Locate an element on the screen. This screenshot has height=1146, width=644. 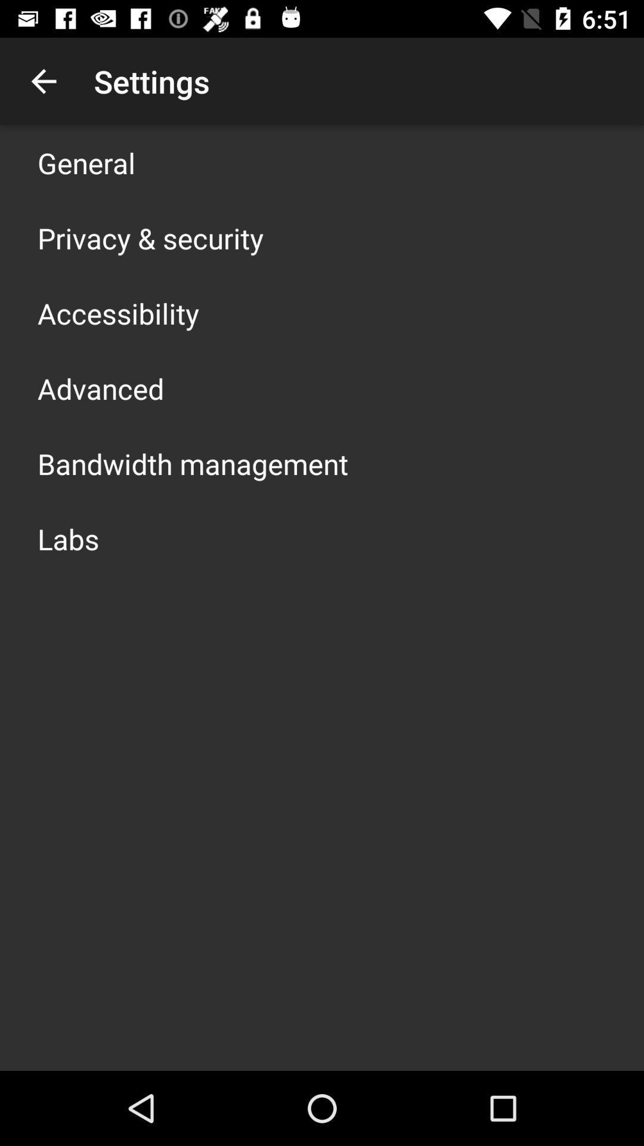
the icon below bandwidth management app is located at coordinates (68, 538).